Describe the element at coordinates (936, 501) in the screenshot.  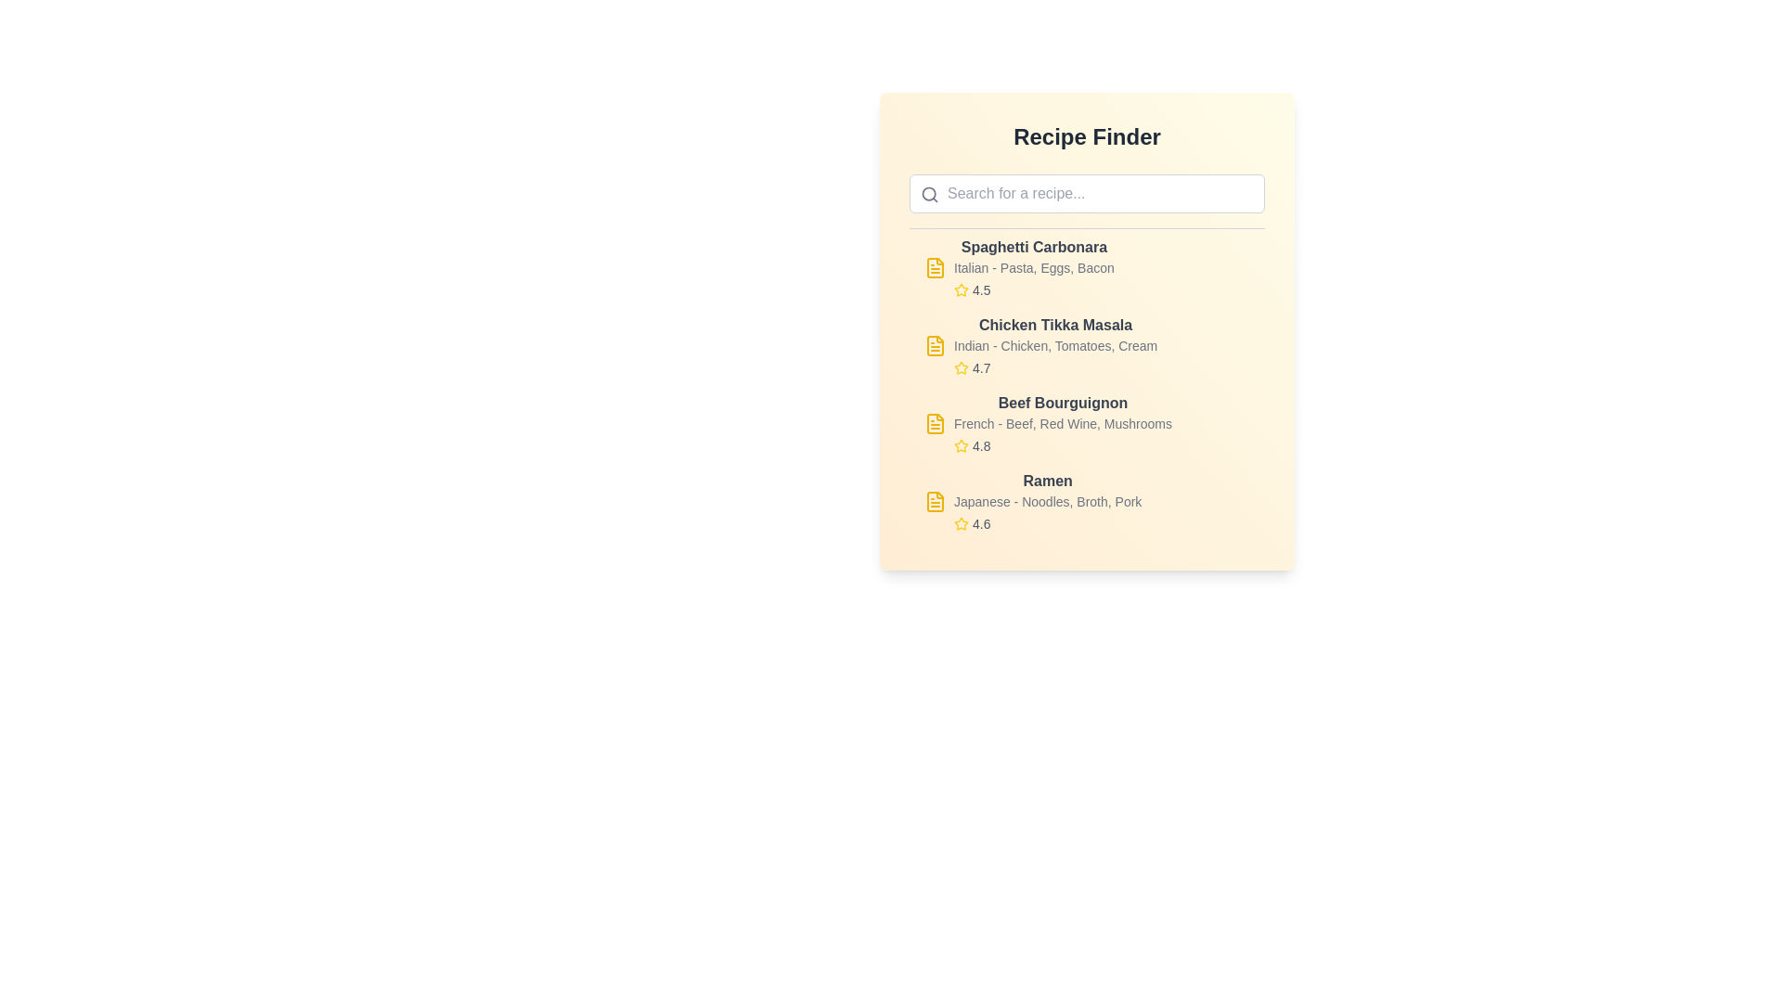
I see `the symbolic meaning of the icon associated with the 'Ramen' entry, which is the first component in the list of dishes` at that location.